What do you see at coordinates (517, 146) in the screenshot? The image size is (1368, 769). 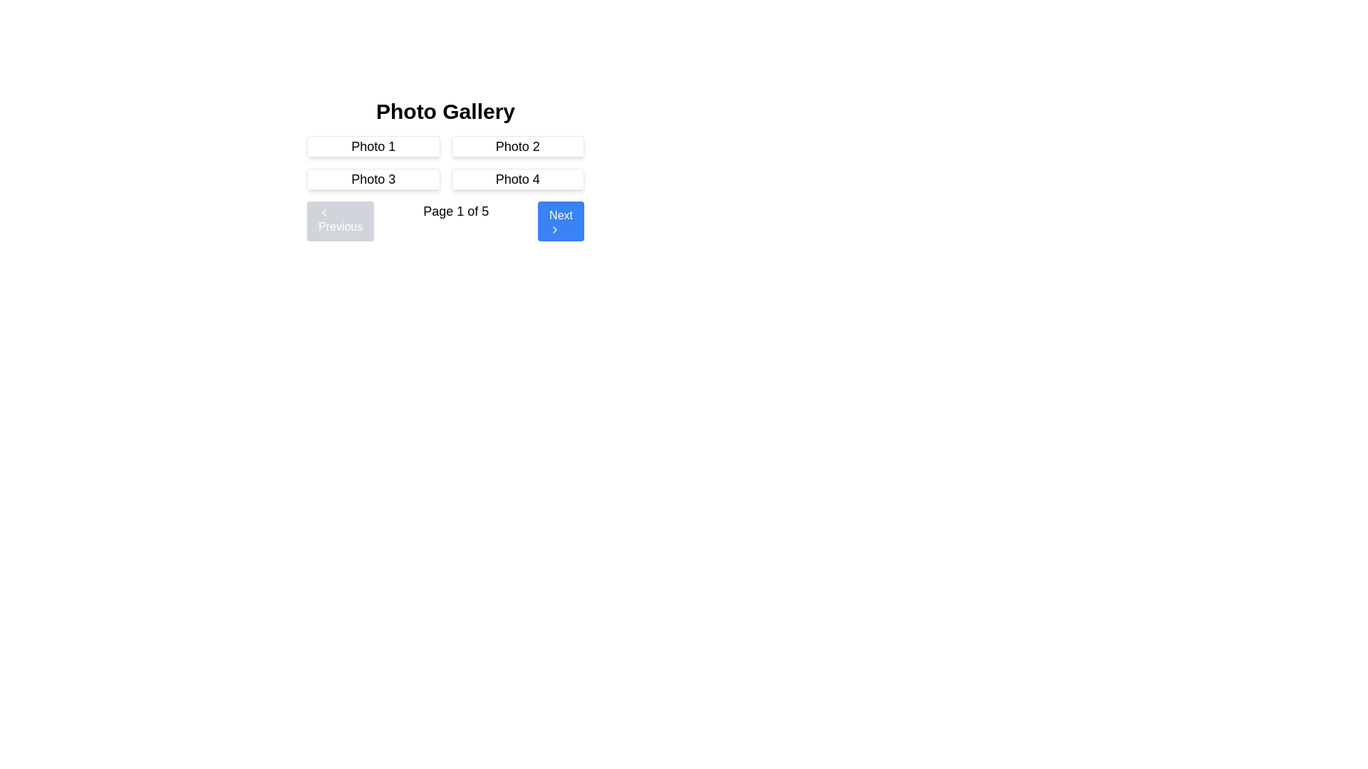 I see `the button that allows users to select or activate 'Photo 2'` at bounding box center [517, 146].